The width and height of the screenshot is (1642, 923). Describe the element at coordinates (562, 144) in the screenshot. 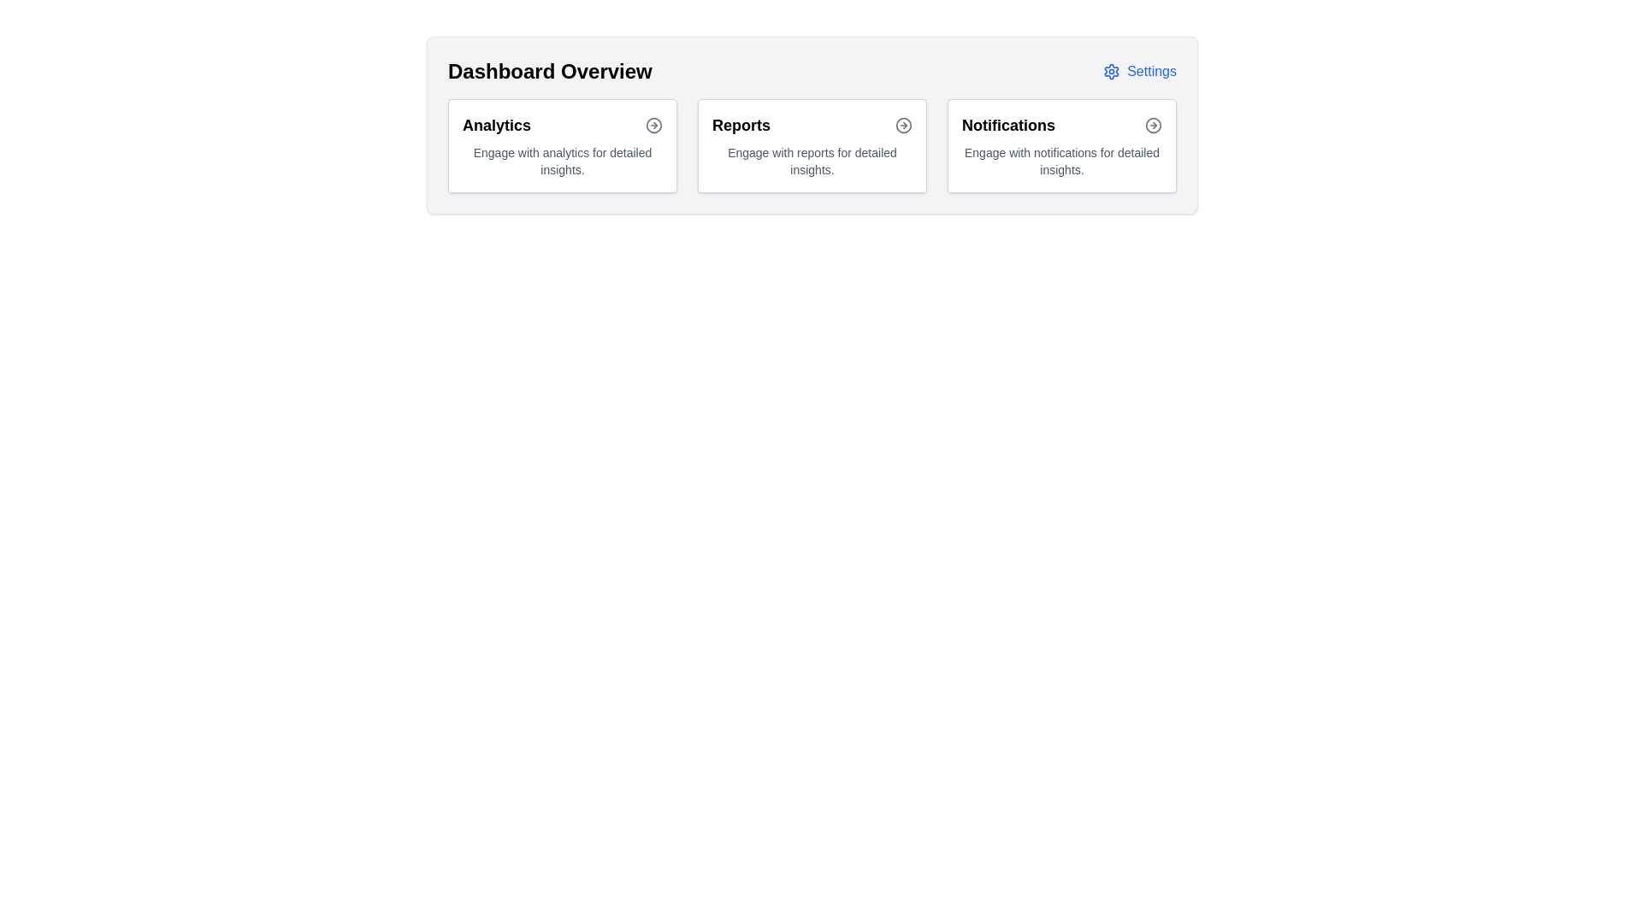

I see `the 'Analytics' interactive card, which is the first card in the row` at that location.